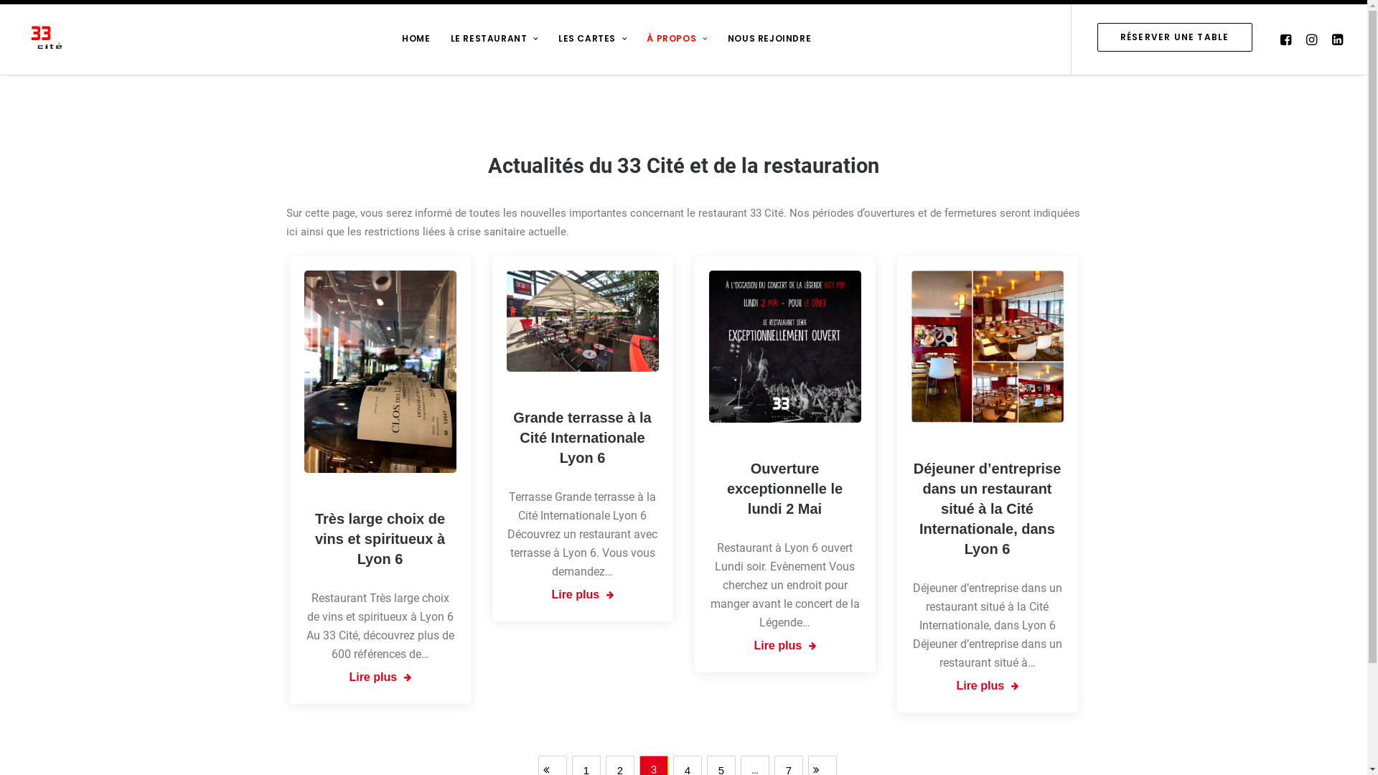 This screenshot has height=775, width=1378. I want to click on 'NOUS REJOINDRE', so click(768, 36).